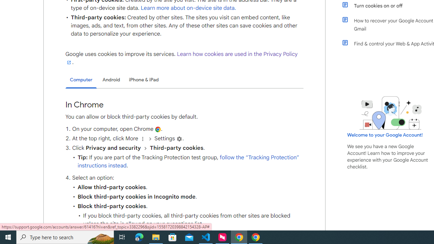 The height and width of the screenshot is (244, 434). I want to click on 'Welcome to your Google Account!', so click(385, 135).